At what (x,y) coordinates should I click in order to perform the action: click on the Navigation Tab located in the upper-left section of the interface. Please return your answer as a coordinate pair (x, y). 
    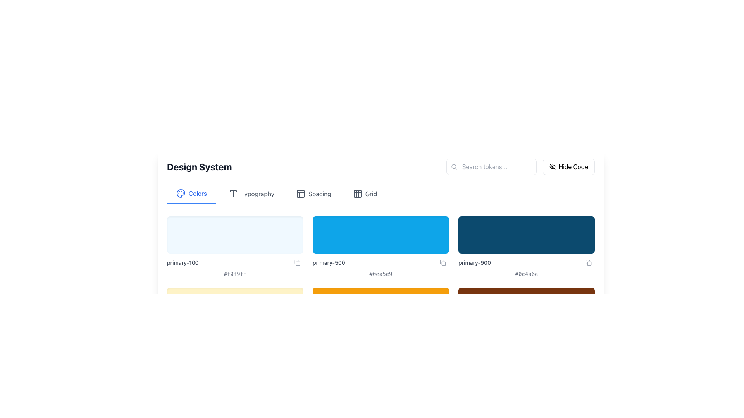
    Looking at the image, I should click on (191, 194).